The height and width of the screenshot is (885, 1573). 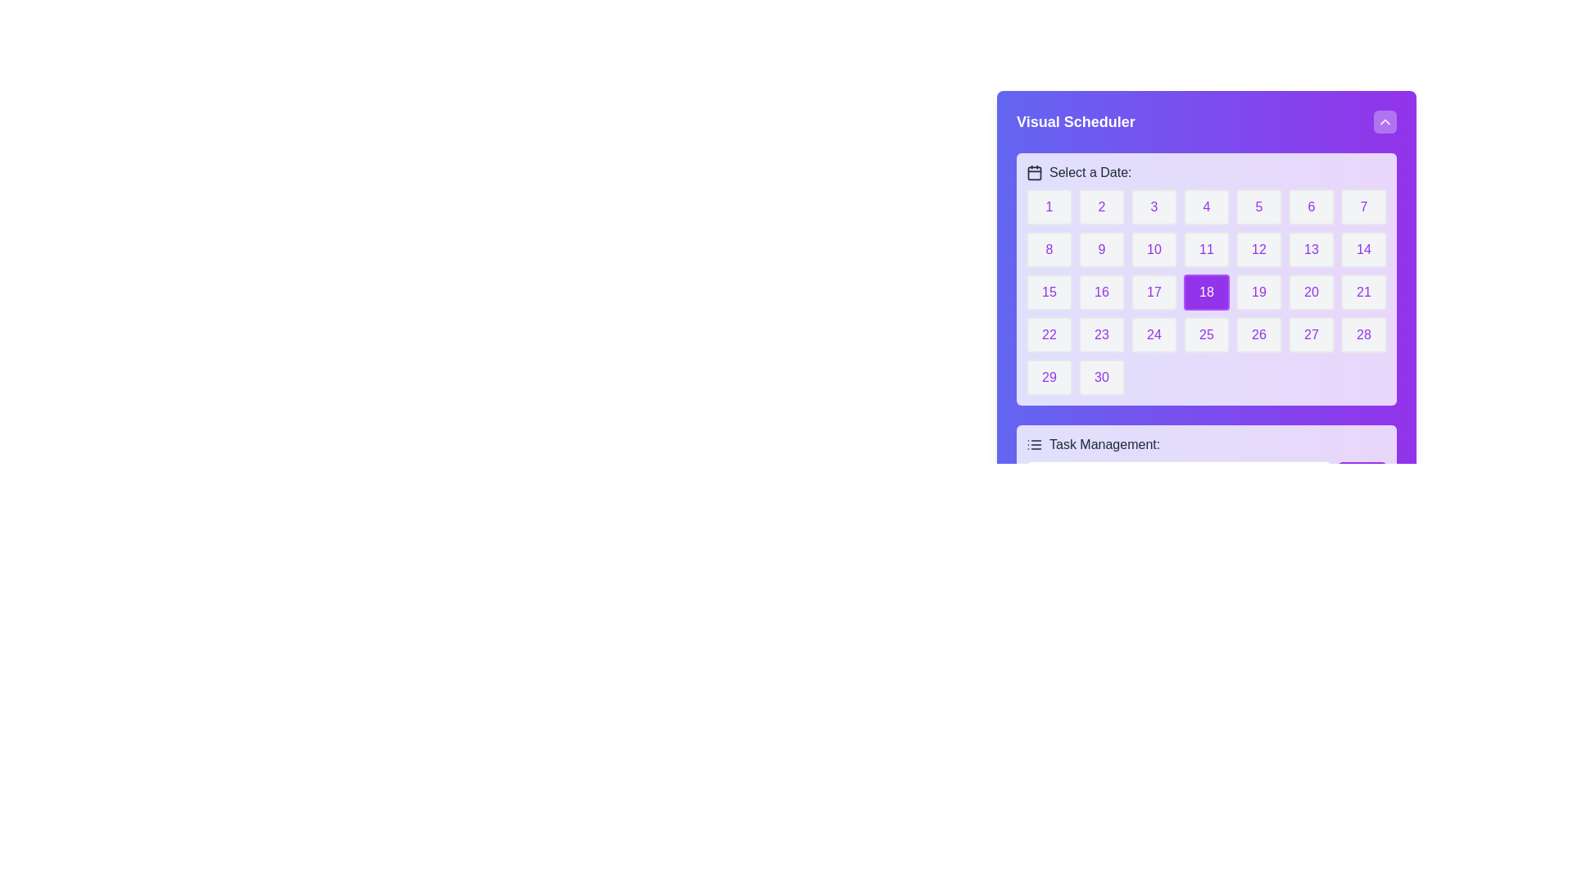 I want to click on the rectangular button with rounded corners, light gray background, gray border, and the text '30' centered in purple, so click(x=1101, y=378).